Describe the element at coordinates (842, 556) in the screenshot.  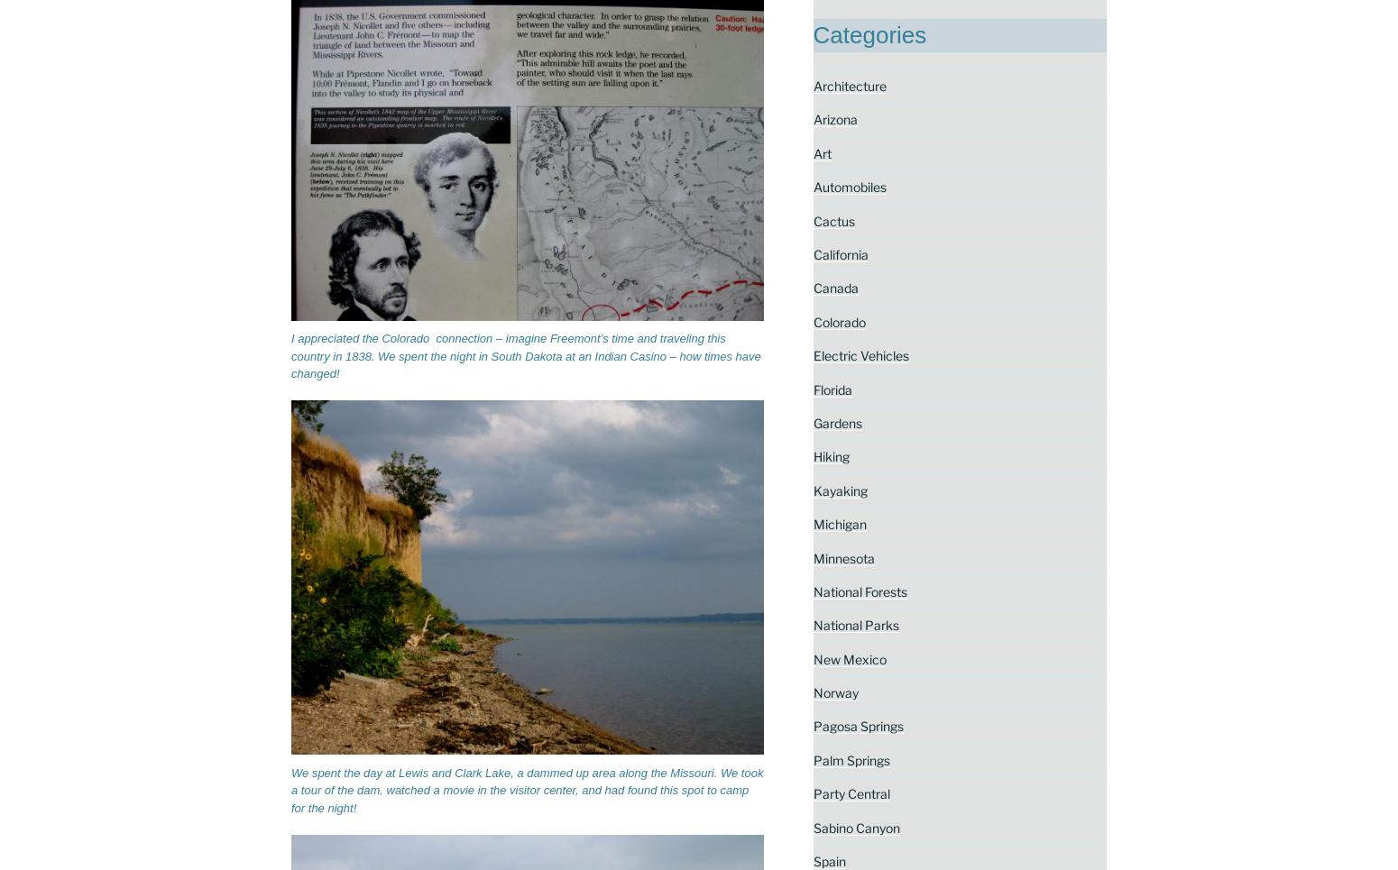
I see `'Minnesota'` at that location.